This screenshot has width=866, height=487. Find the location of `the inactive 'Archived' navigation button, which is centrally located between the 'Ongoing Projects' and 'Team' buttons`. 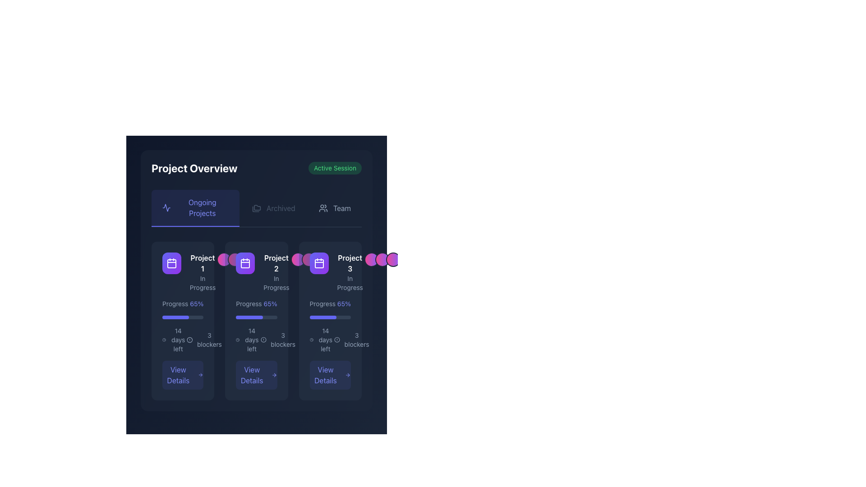

the inactive 'Archived' navigation button, which is centrally located between the 'Ongoing Projects' and 'Team' buttons is located at coordinates (273, 208).